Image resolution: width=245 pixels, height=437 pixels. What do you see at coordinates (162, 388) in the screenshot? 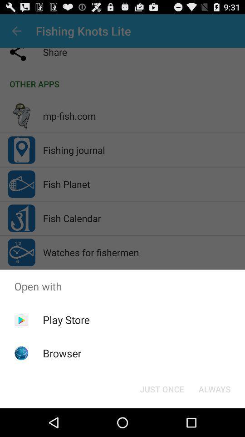
I see `item below open with app` at bounding box center [162, 388].